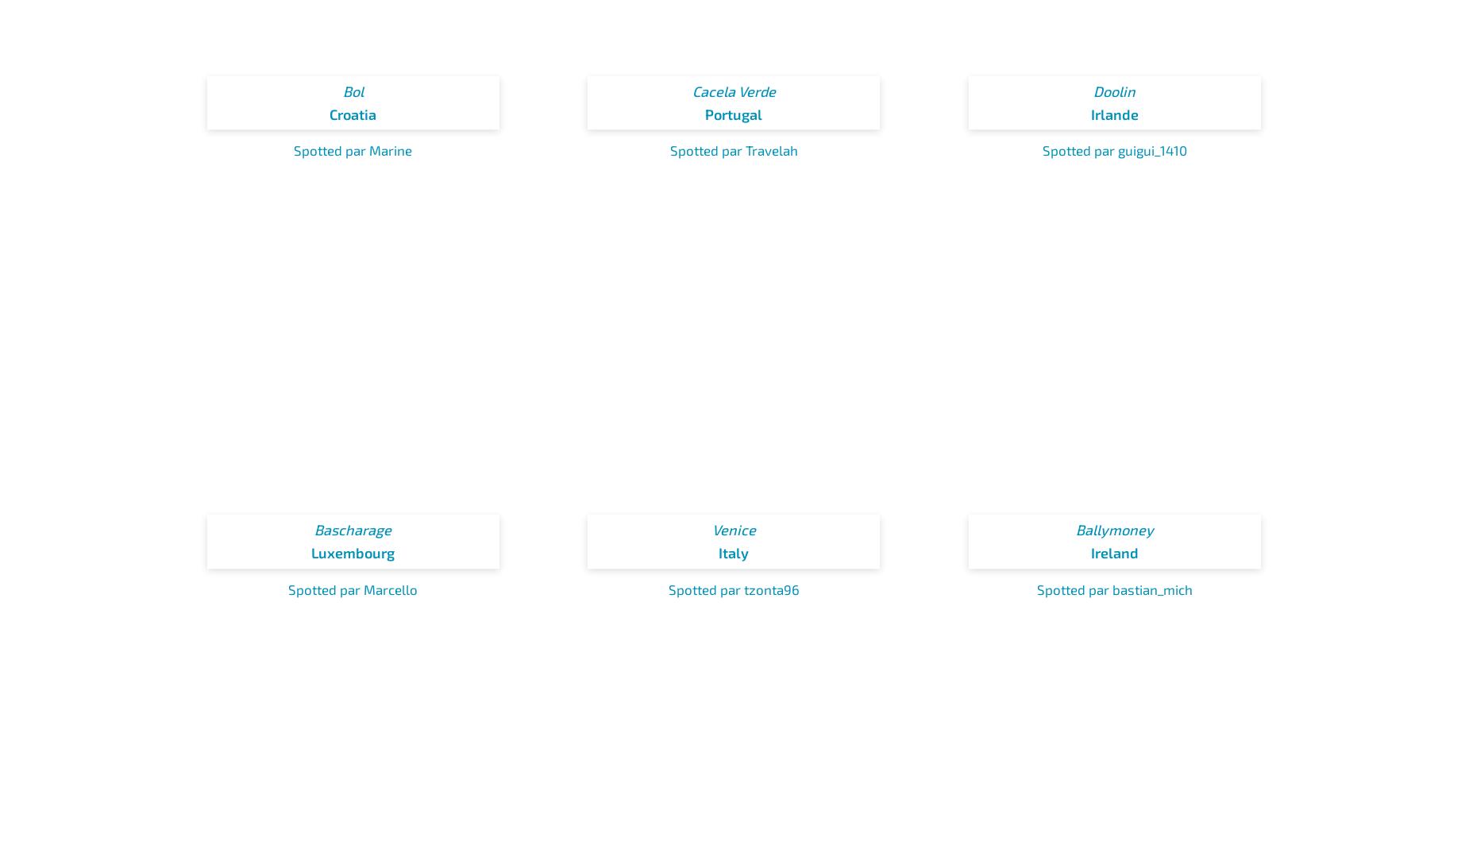  What do you see at coordinates (734, 112) in the screenshot?
I see `'Portugal'` at bounding box center [734, 112].